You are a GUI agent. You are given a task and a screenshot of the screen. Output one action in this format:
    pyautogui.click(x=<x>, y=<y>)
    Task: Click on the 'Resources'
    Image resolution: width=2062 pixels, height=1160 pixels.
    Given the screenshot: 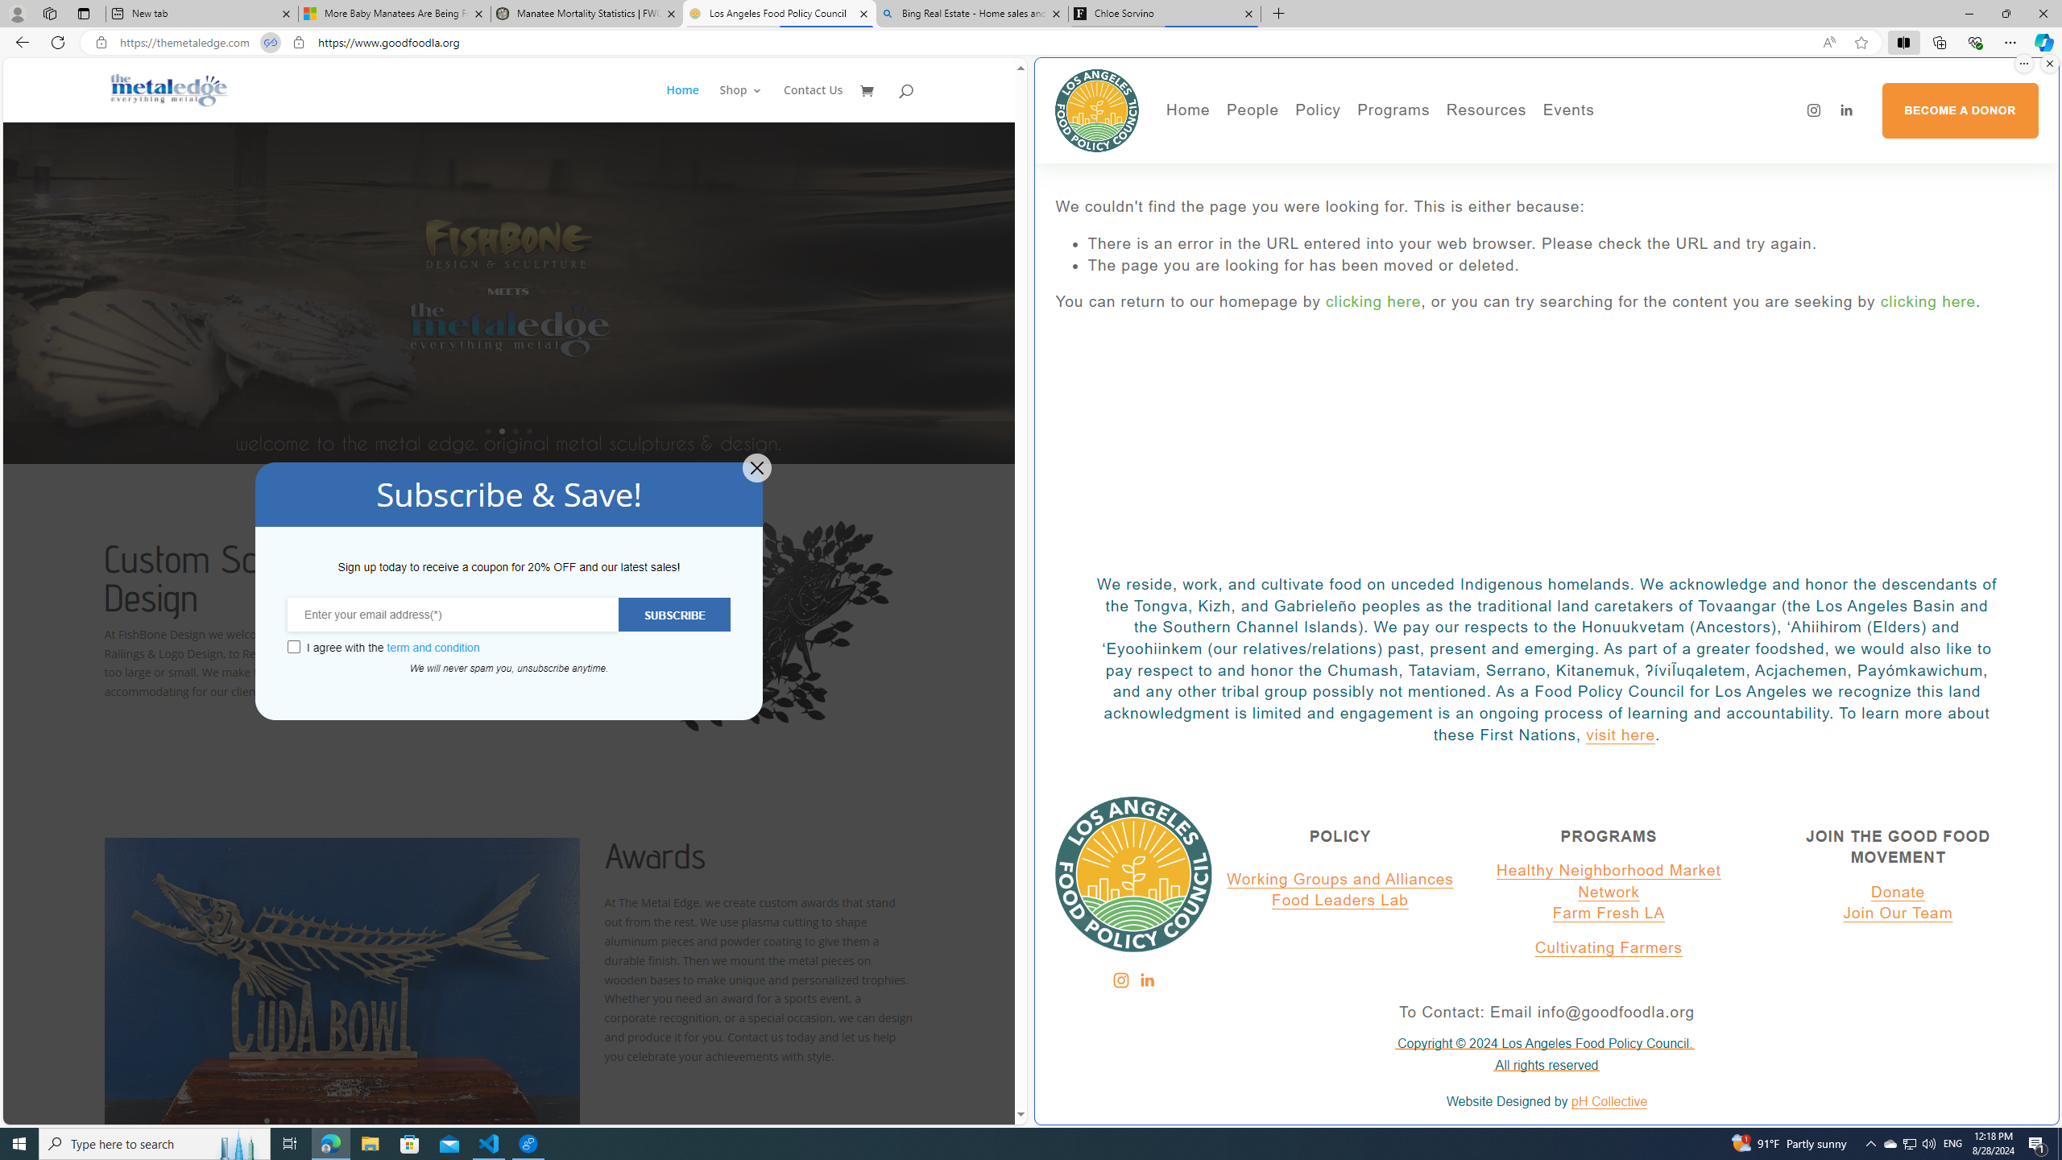 What is the action you would take?
    pyautogui.click(x=1485, y=110)
    